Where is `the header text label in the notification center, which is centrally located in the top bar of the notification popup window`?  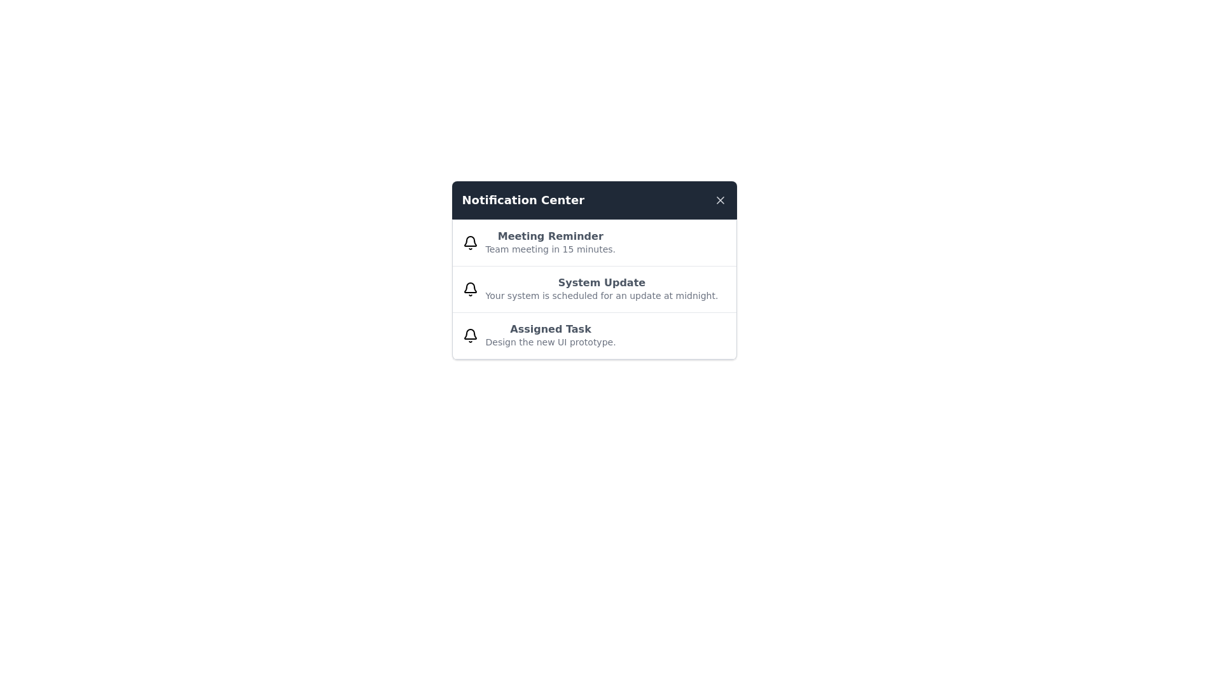
the header text label in the notification center, which is centrally located in the top bar of the notification popup window is located at coordinates (523, 200).